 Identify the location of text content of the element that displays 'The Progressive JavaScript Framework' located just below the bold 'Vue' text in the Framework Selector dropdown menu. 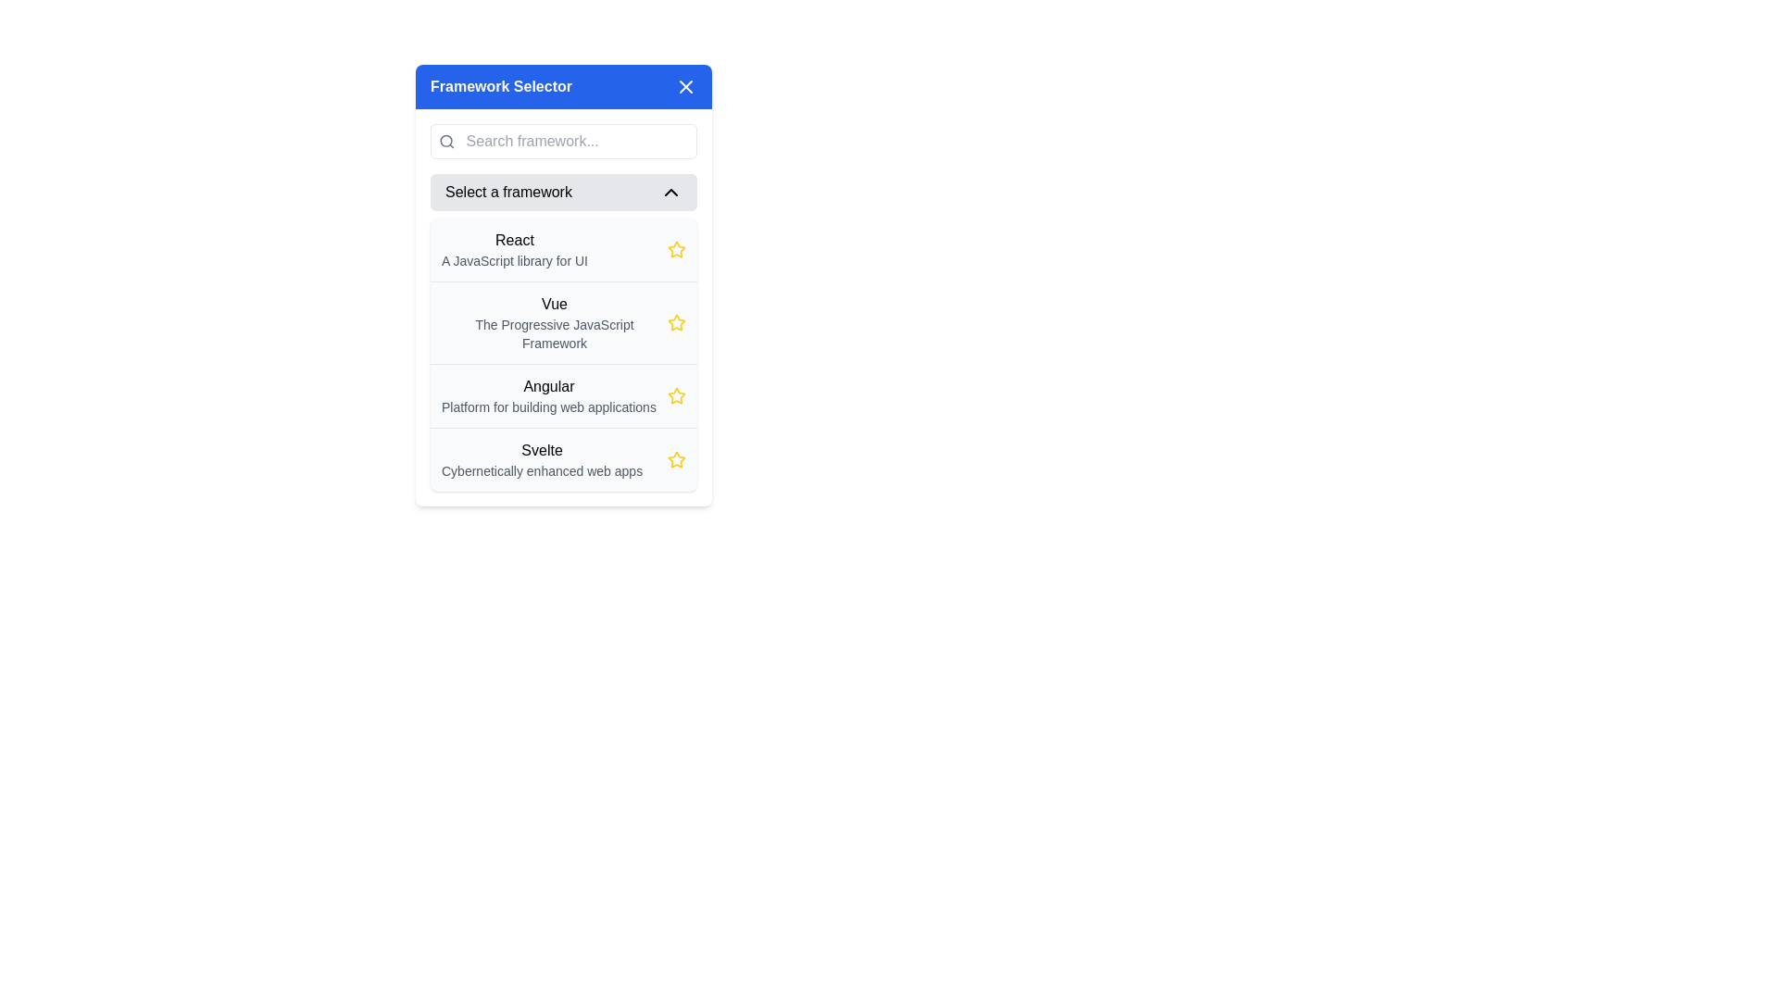
(554, 334).